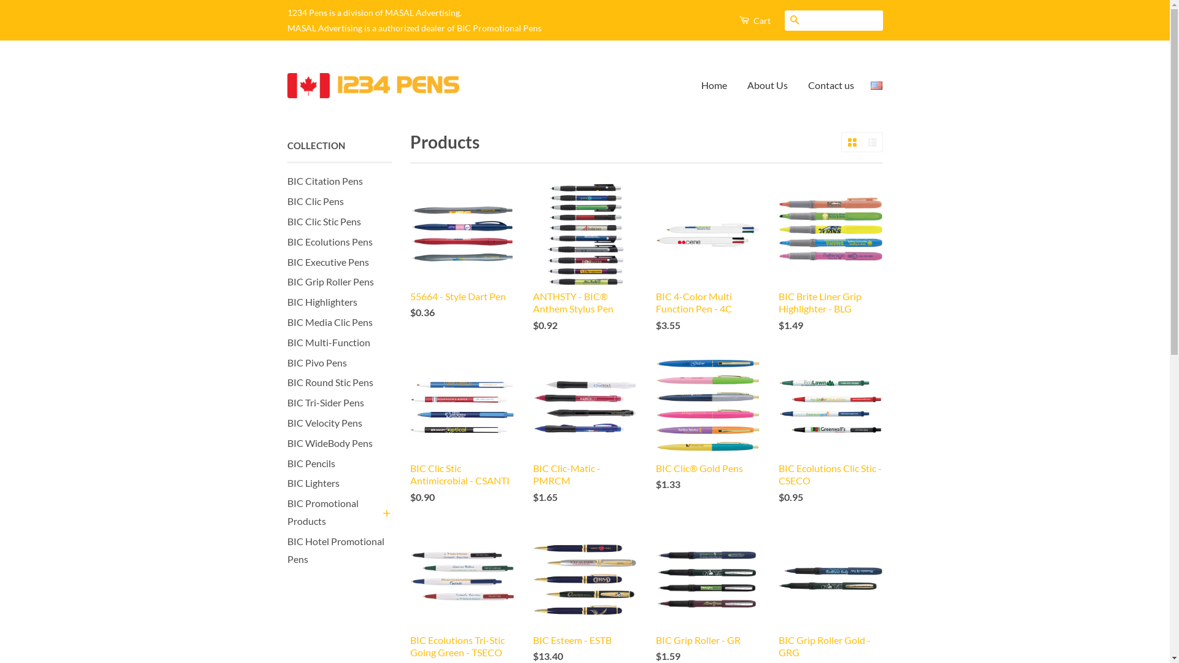  Describe the element at coordinates (831, 440) in the screenshot. I see `'BIC Ecolutions Clic Stic - CSECO` at that location.